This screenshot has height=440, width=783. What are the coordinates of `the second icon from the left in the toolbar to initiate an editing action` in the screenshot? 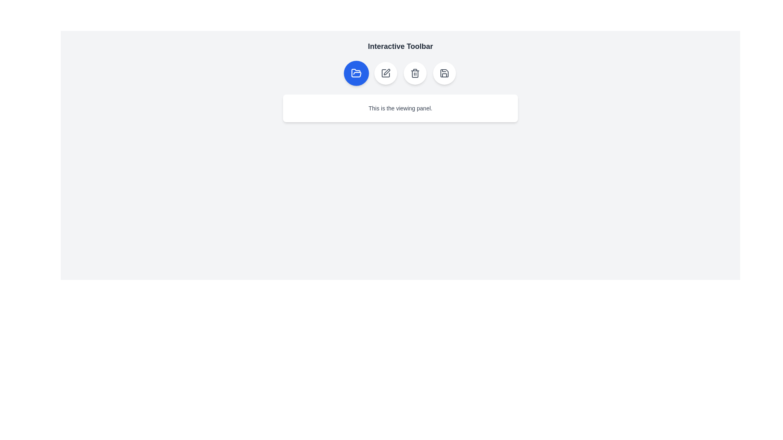 It's located at (385, 73).